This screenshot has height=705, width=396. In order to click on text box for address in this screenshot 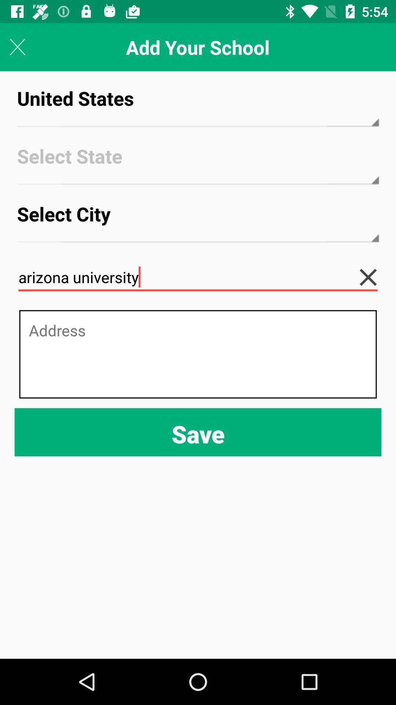, I will do `click(198, 354)`.